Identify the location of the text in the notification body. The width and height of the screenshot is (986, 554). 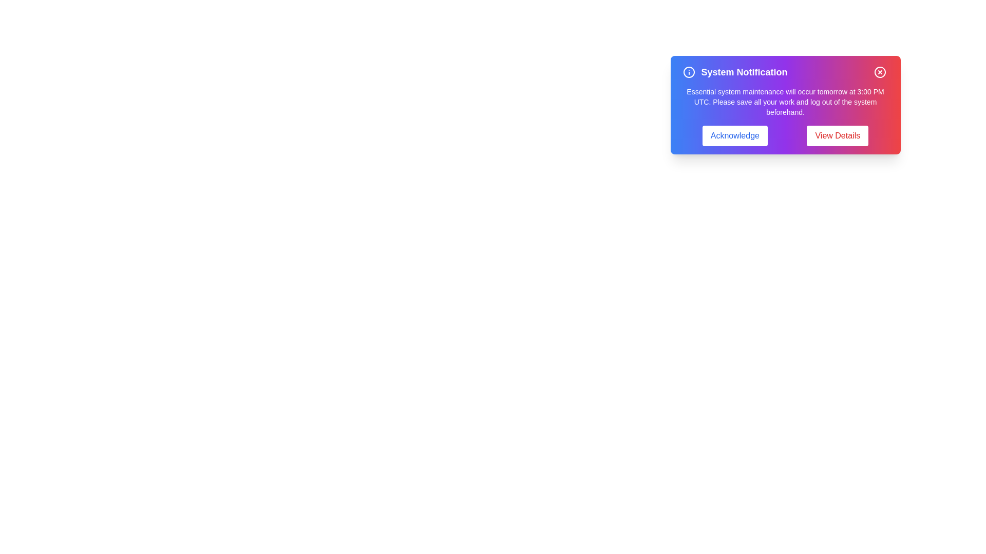
(682, 86).